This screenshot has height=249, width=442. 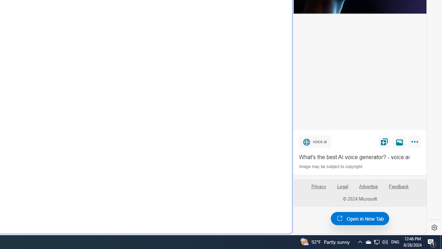 I want to click on 'Privacy', so click(x=318, y=186).